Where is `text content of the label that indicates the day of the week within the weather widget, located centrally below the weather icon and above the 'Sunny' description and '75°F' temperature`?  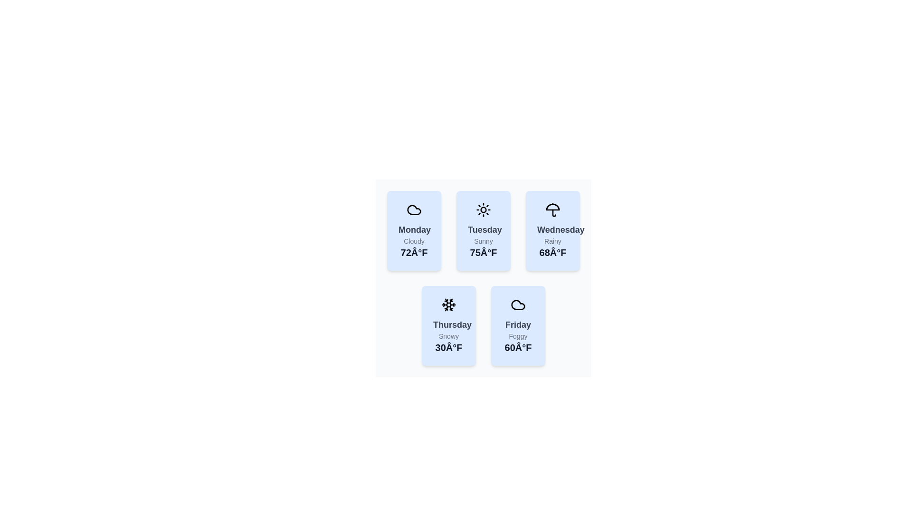 text content of the label that indicates the day of the week within the weather widget, located centrally below the weather icon and above the 'Sunny' description and '75°F' temperature is located at coordinates (483, 229).